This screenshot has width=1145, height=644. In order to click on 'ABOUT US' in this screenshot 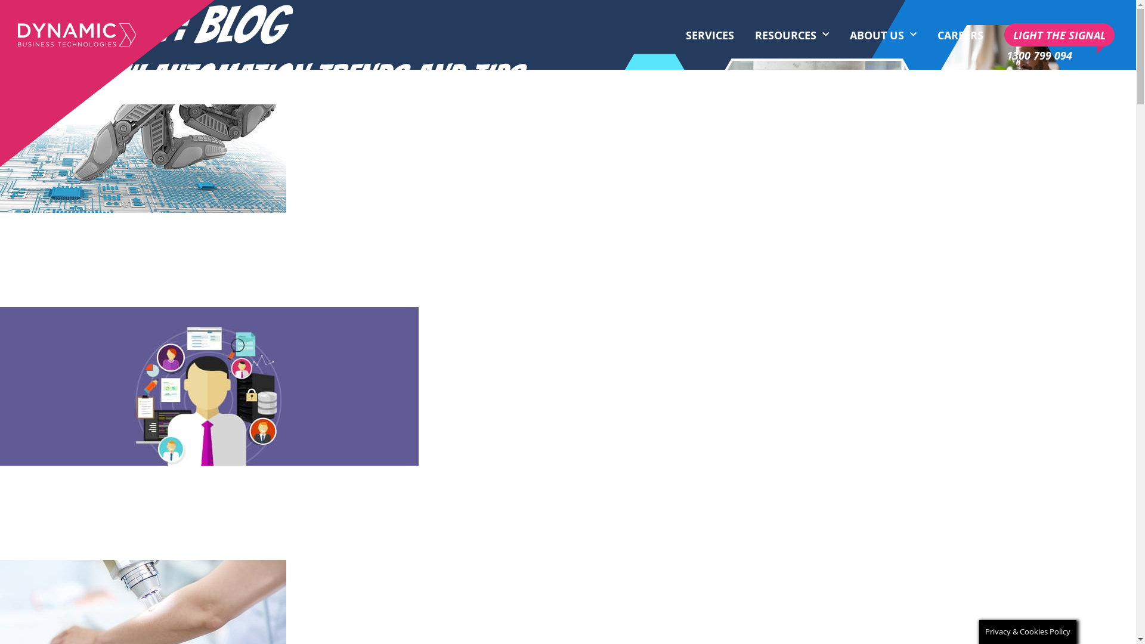, I will do `click(883, 34)`.